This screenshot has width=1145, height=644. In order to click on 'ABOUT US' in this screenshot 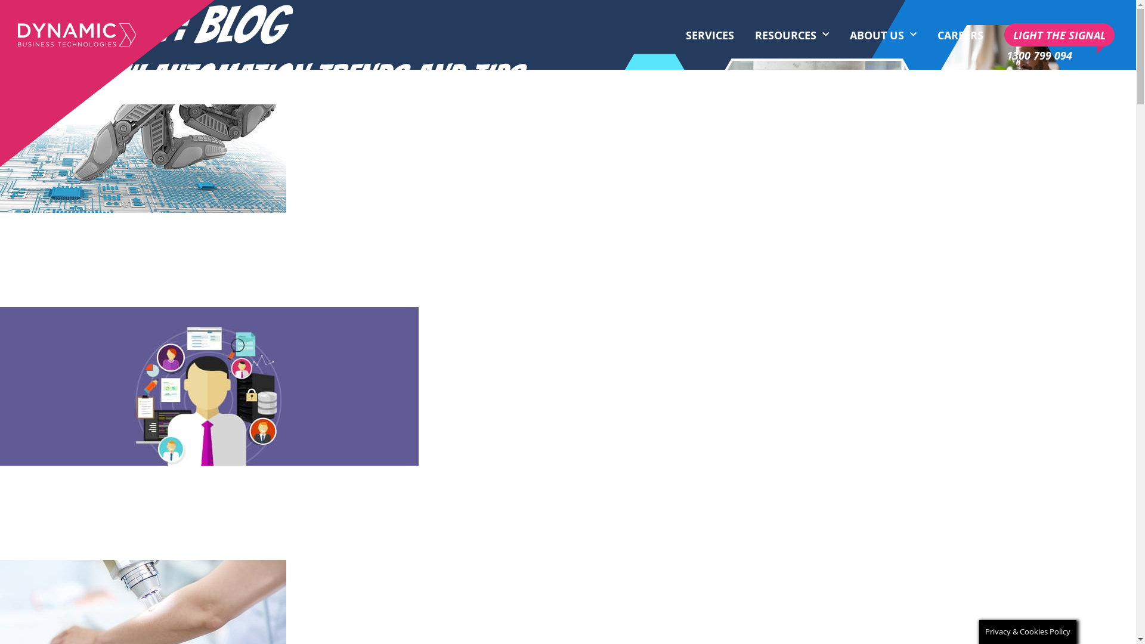, I will do `click(883, 34)`.